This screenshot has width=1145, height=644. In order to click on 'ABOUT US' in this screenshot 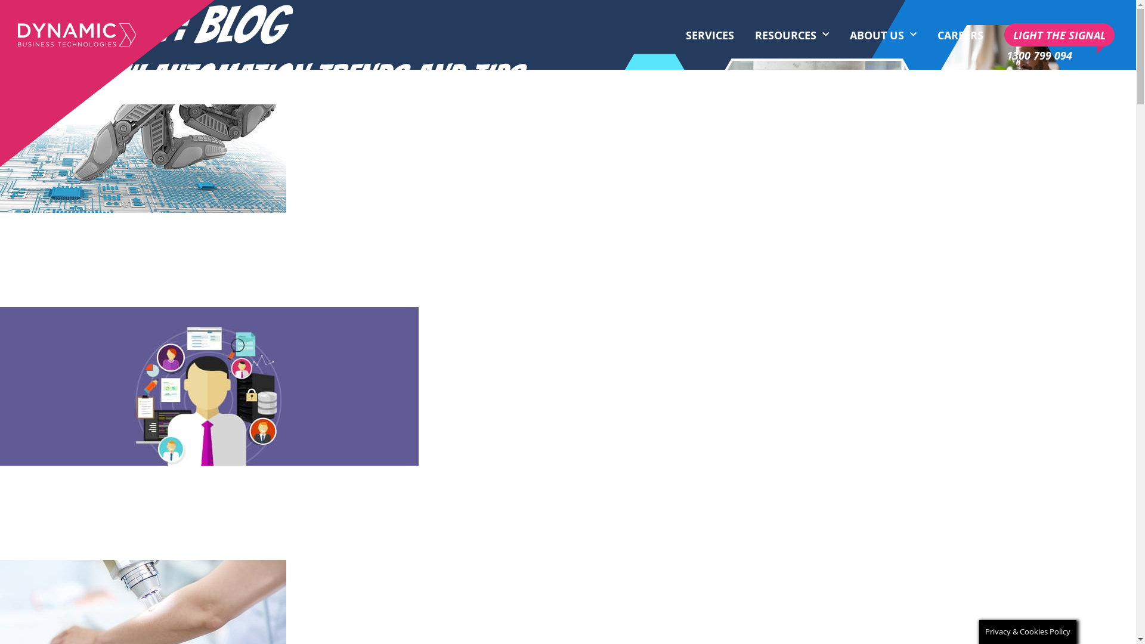, I will do `click(883, 34)`.